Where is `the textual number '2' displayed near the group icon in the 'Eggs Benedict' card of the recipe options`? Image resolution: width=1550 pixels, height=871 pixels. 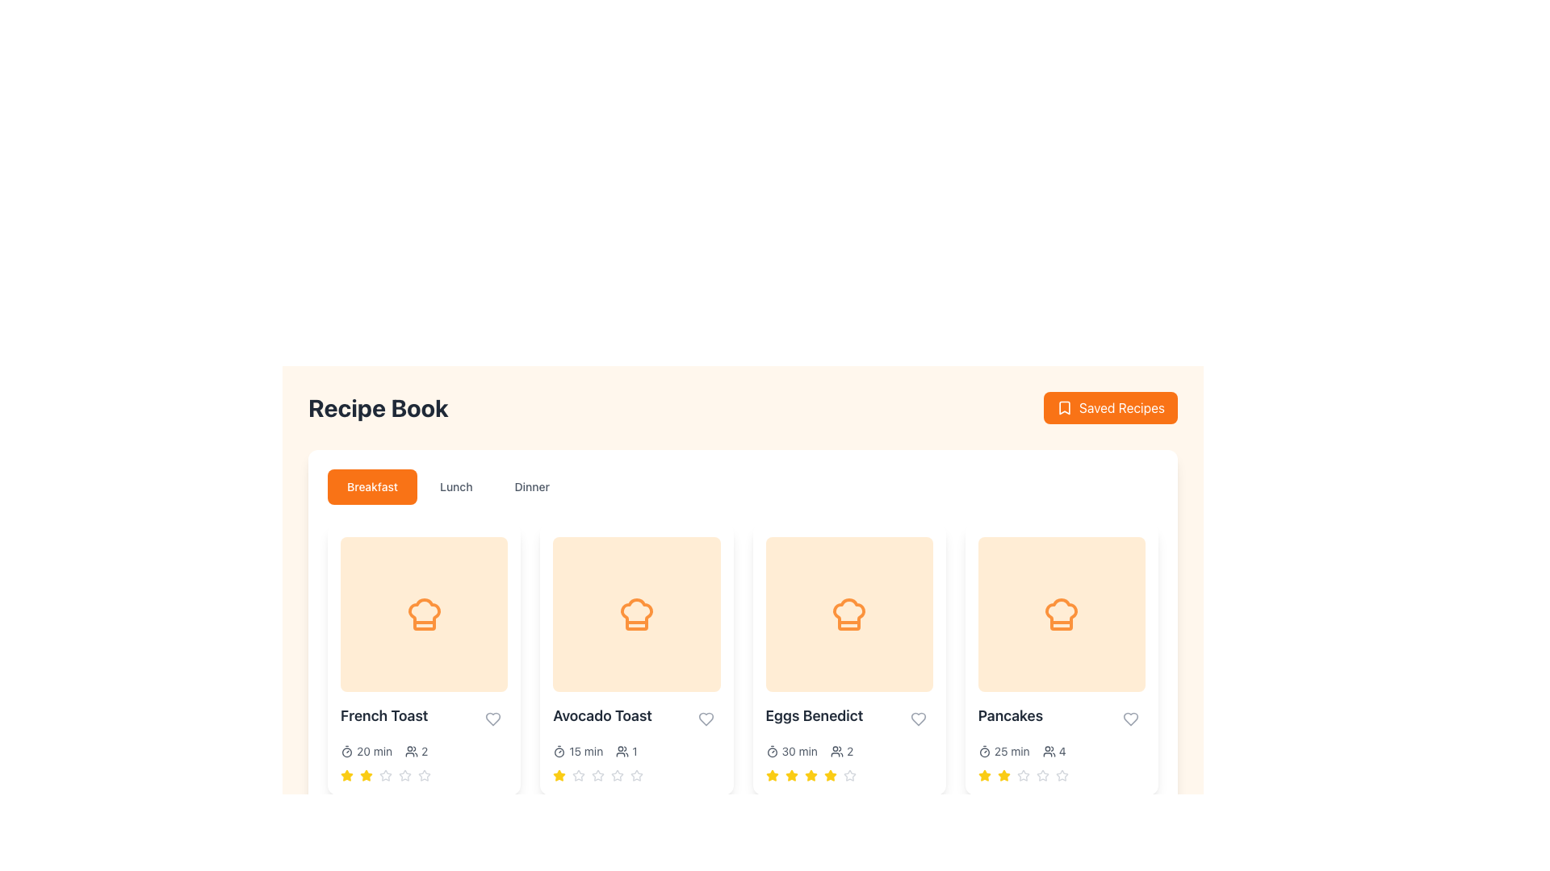 the textual number '2' displayed near the group icon in the 'Eggs Benedict' card of the recipe options is located at coordinates (849, 752).